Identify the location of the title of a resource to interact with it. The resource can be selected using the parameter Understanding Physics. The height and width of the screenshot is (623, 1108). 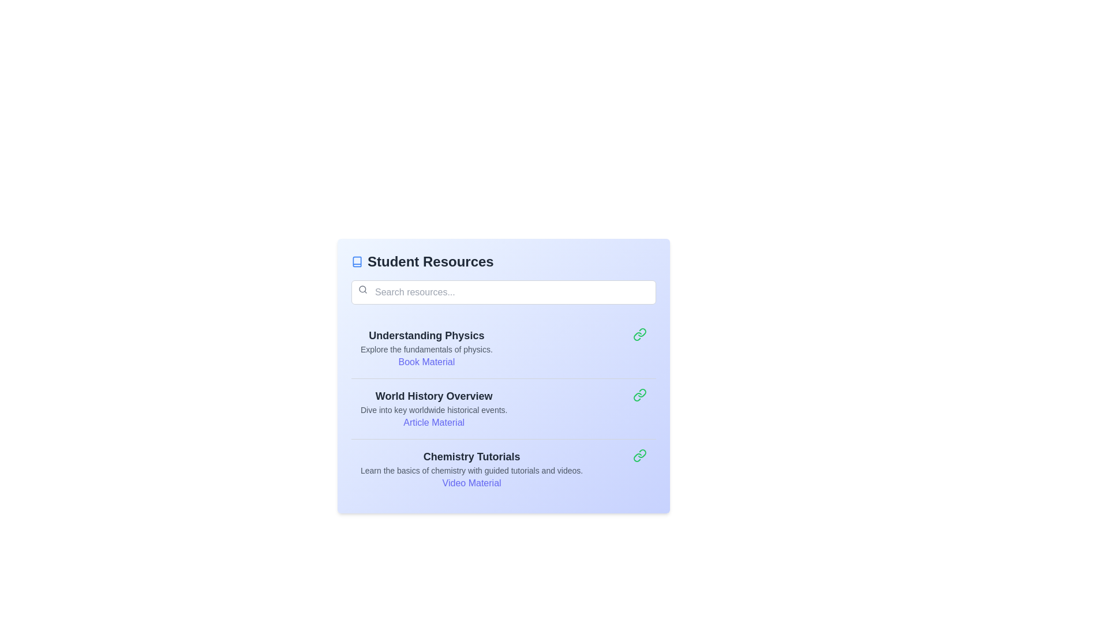
(426, 336).